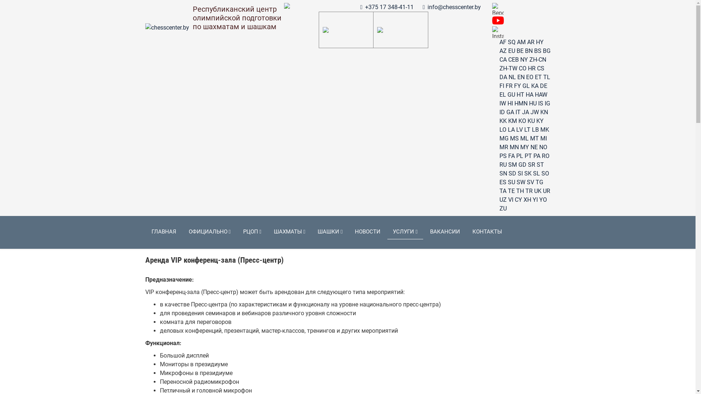 The image size is (701, 394). I want to click on 'SL', so click(536, 173).